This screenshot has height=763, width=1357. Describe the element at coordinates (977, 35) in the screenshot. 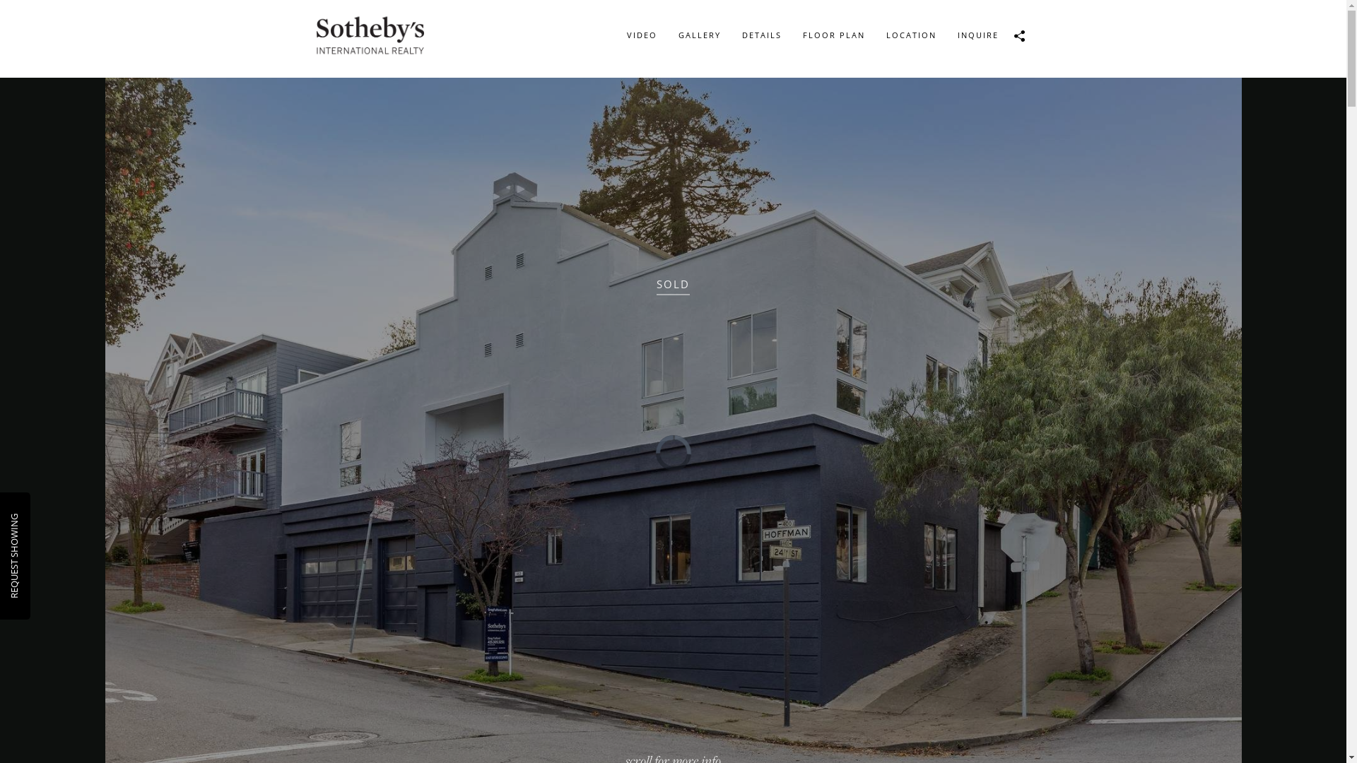

I see `'INQUIRE'` at that location.